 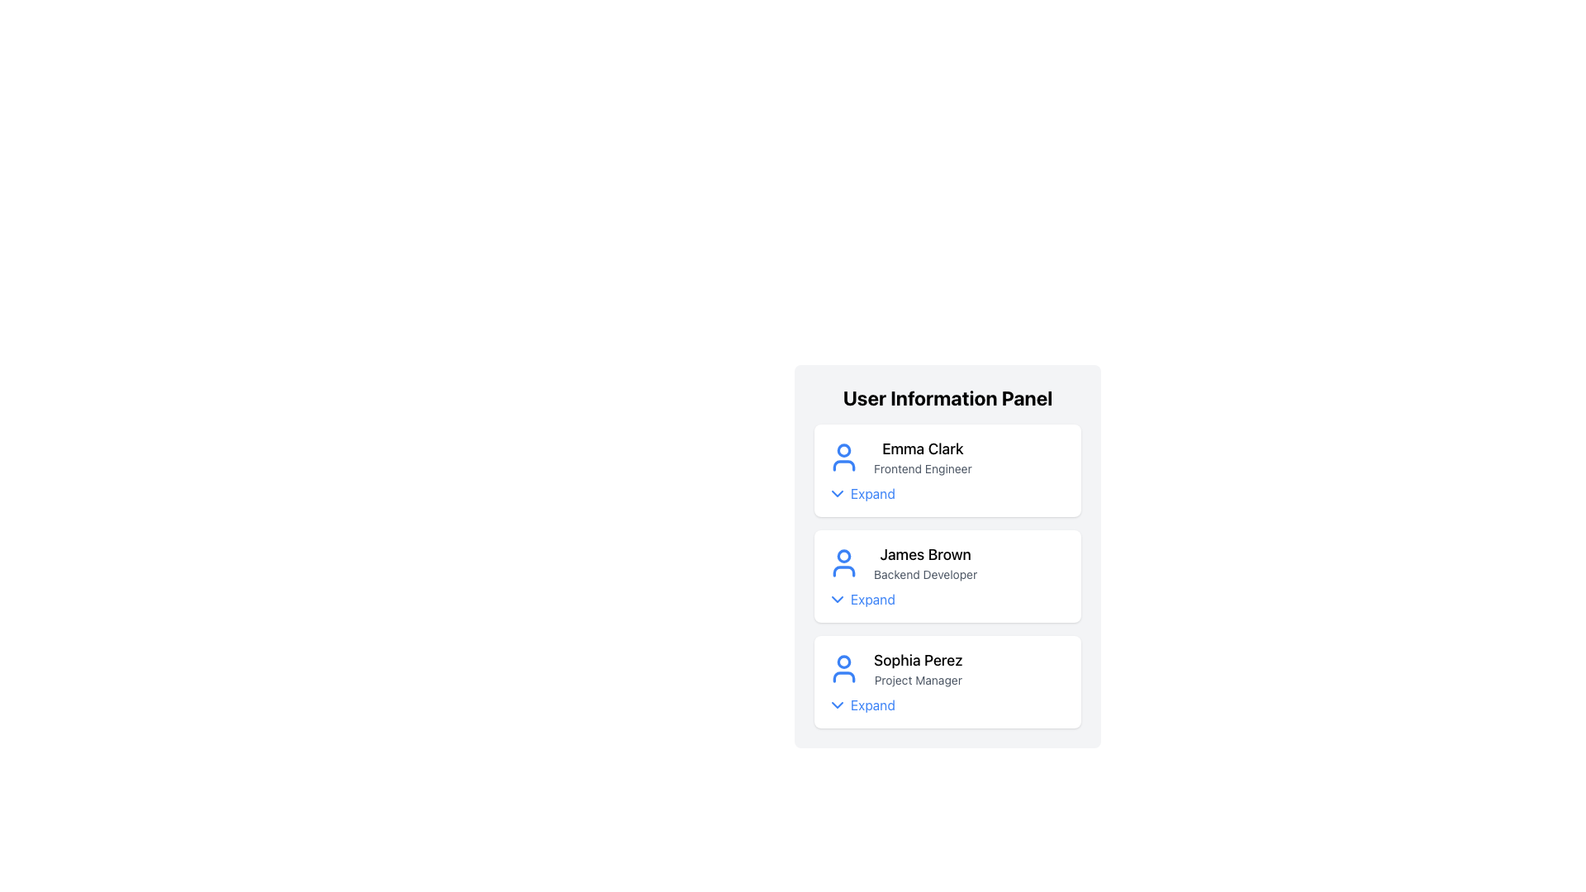 What do you see at coordinates (925, 573) in the screenshot?
I see `the text label displaying 'Backend Developer', which is styled plainly in gray and located directly below 'James Brown' in the user information card` at bounding box center [925, 573].